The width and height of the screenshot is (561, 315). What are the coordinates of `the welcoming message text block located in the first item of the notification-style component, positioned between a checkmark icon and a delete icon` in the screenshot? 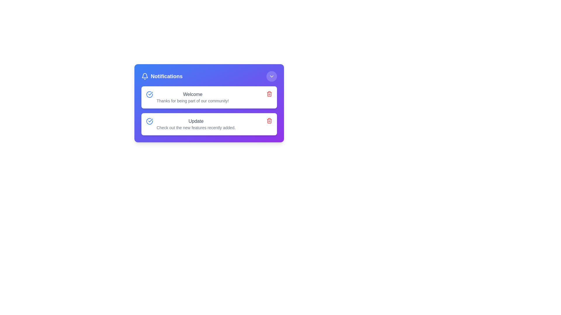 It's located at (193, 97).